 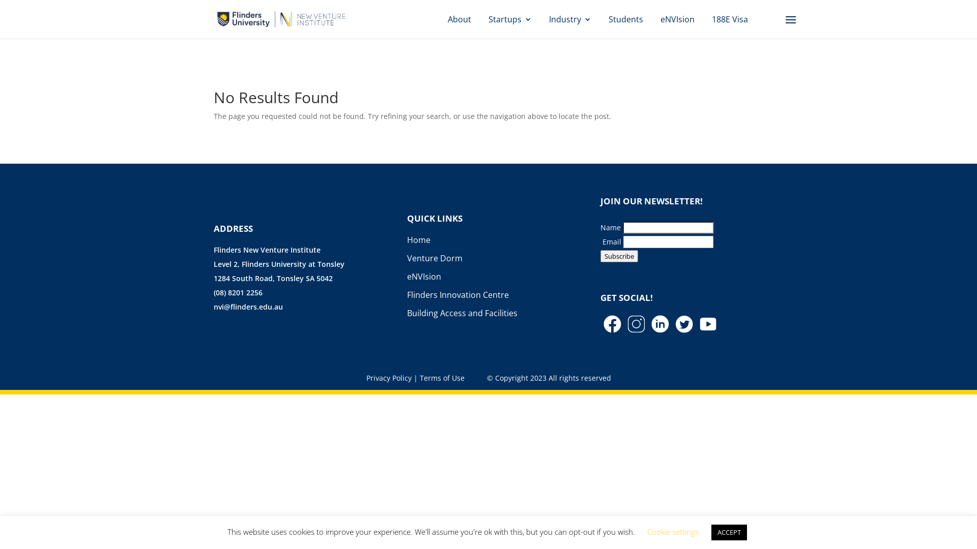 What do you see at coordinates (673, 531) in the screenshot?
I see `'Cookie settings'` at bounding box center [673, 531].